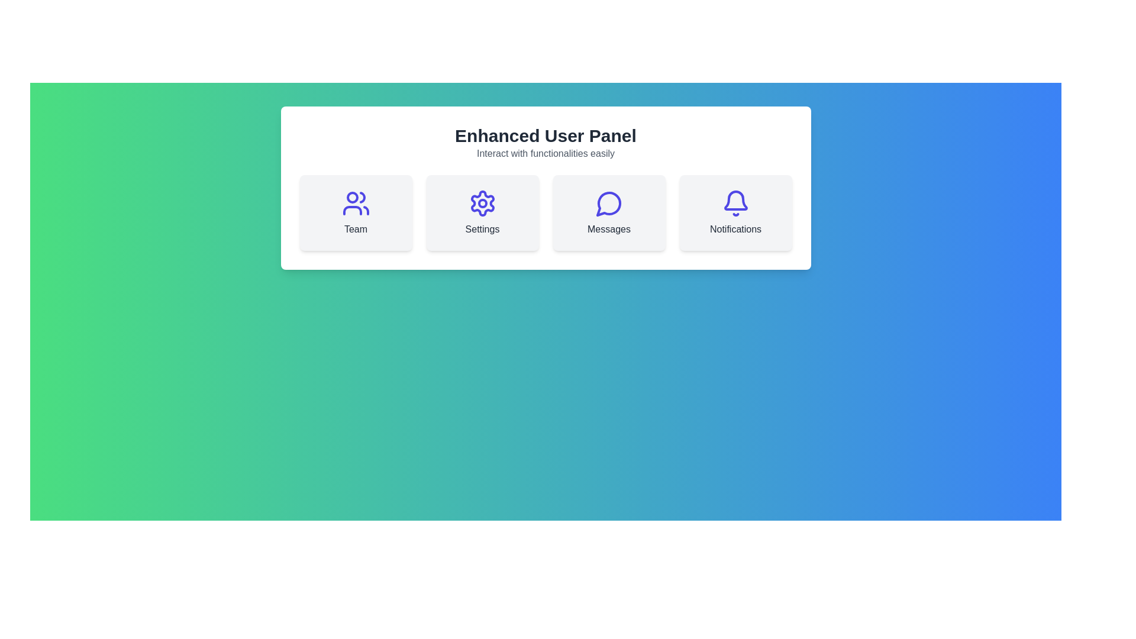  Describe the element at coordinates (735, 212) in the screenshot. I see `the Icon Card with a purple bell icon and 'Notifications' label, which is the fourth item in the grid layout` at that location.